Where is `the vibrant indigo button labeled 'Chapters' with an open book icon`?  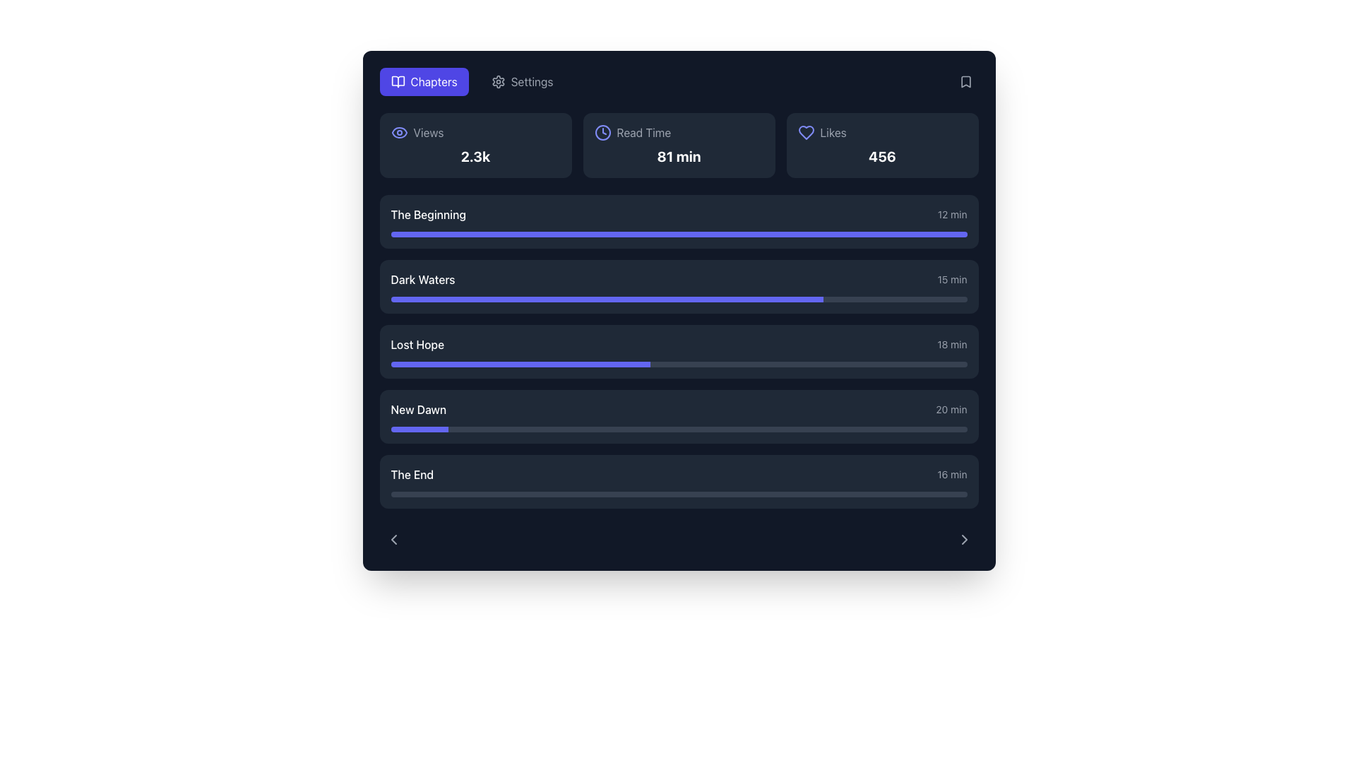
the vibrant indigo button labeled 'Chapters' with an open book icon is located at coordinates (423, 81).